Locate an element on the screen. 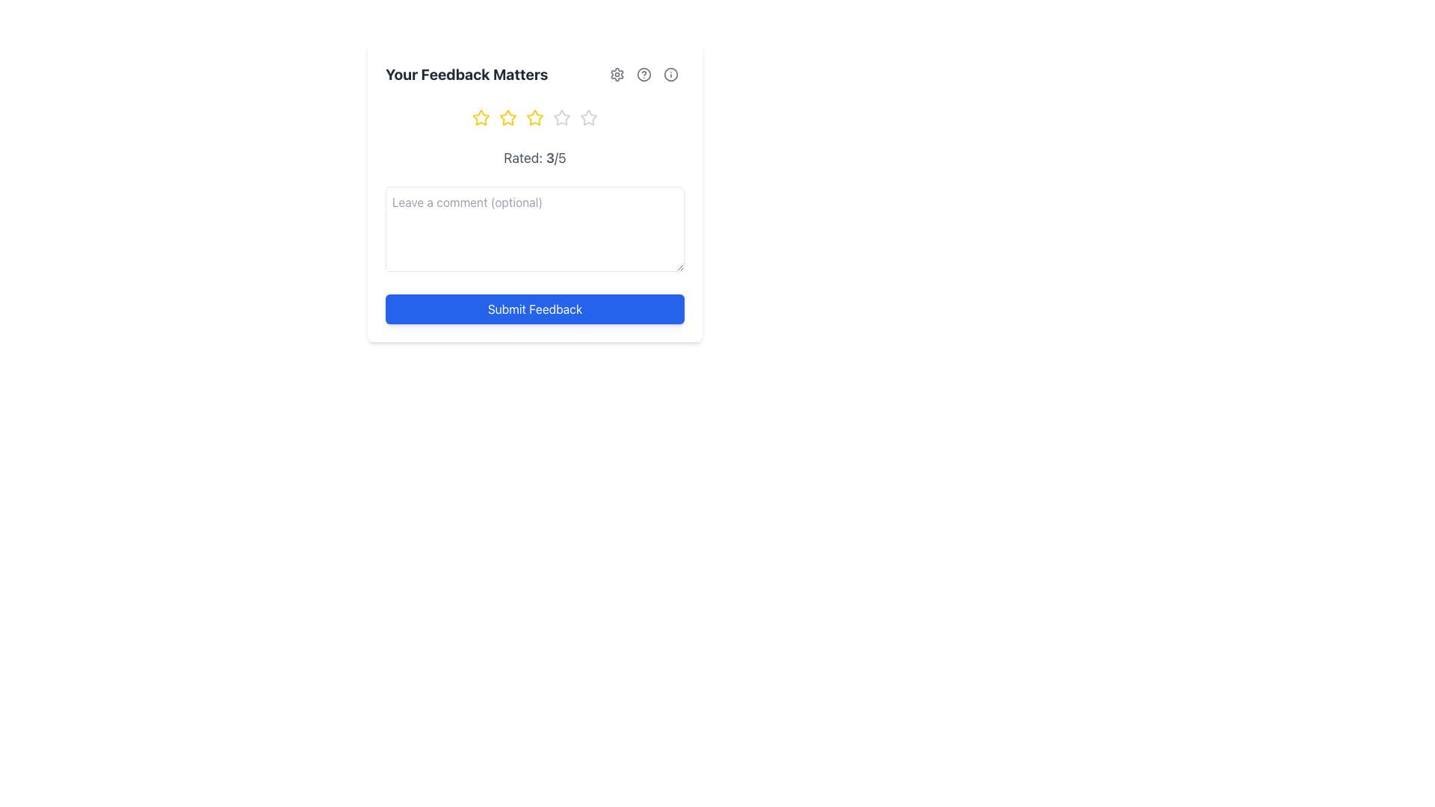 The width and height of the screenshot is (1435, 807). the second star icon in the rating system to set the rating is located at coordinates (481, 117).